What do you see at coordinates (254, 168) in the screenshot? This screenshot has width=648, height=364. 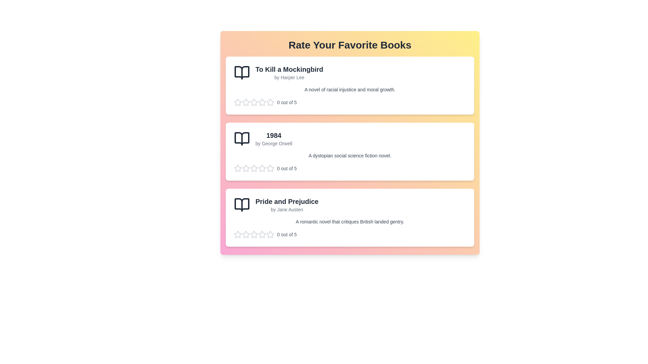 I see `the fourth star icon in the 5-star rating system` at bounding box center [254, 168].